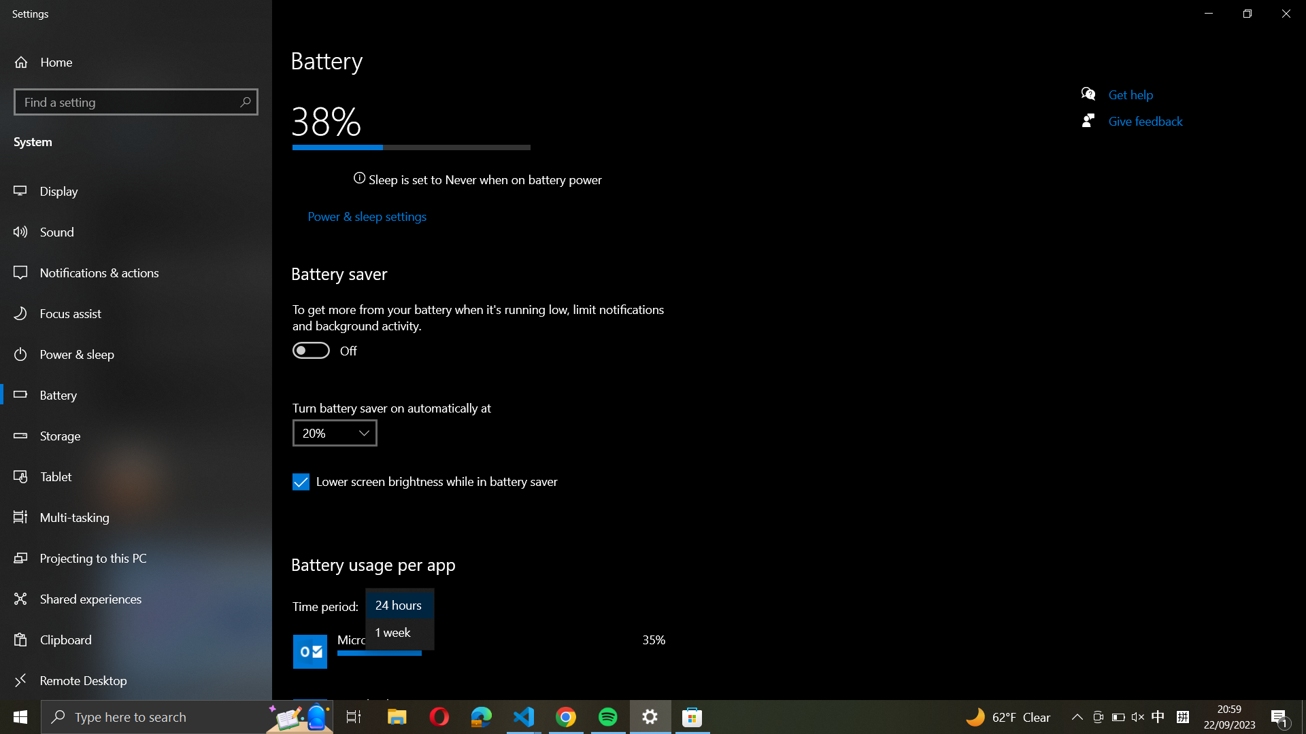 The image size is (1306, 734). What do you see at coordinates (137, 438) in the screenshot?
I see `the Storage option from the sidebar` at bounding box center [137, 438].